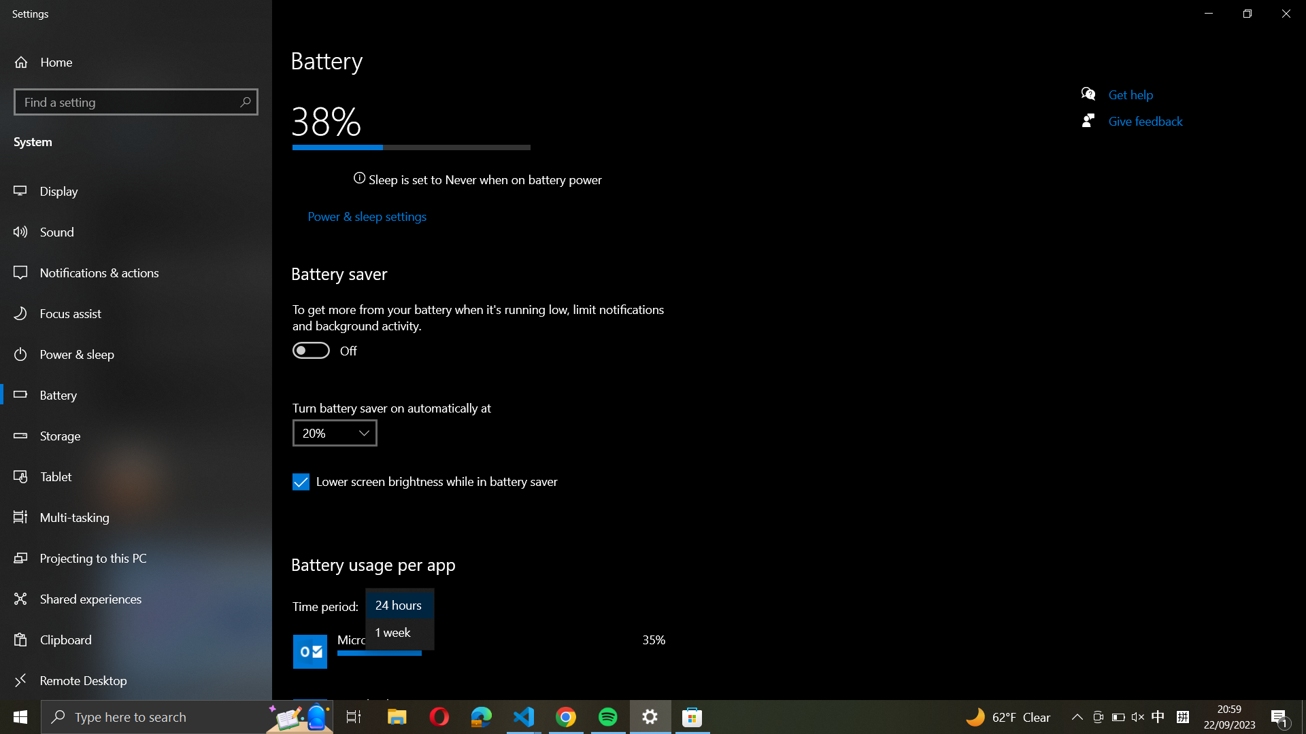 The image size is (1306, 734). What do you see at coordinates (137, 438) in the screenshot?
I see `the Storage option from the sidebar` at bounding box center [137, 438].